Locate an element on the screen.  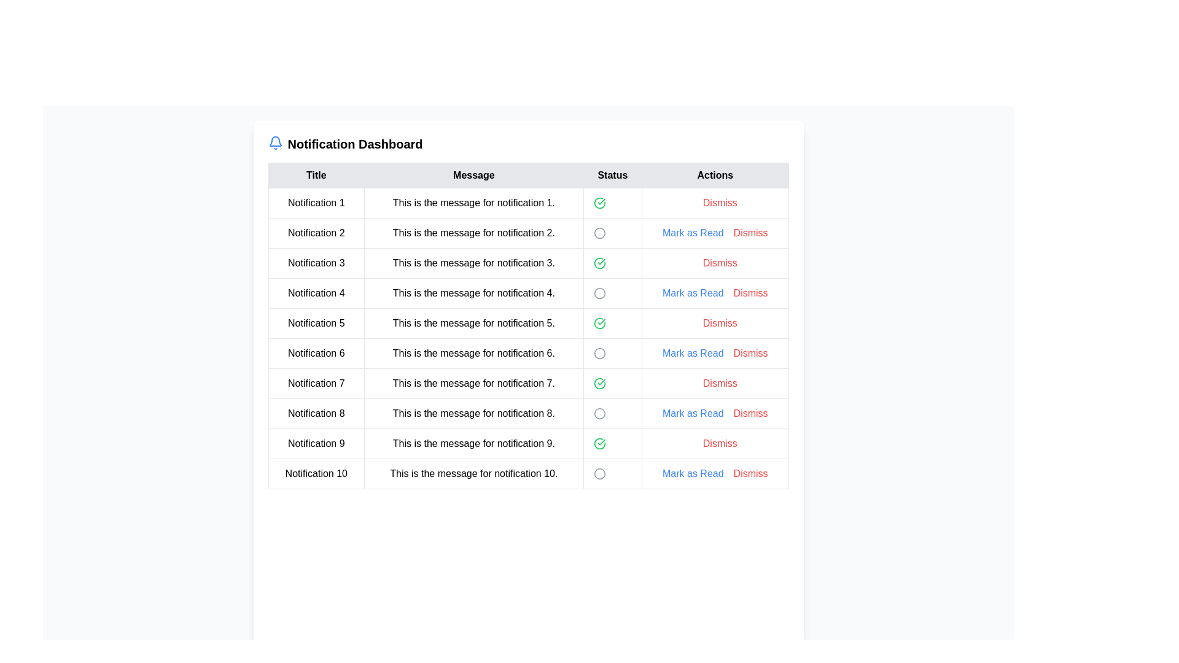
the 'Message' header cell in the table to sort the corresponding column is located at coordinates (473, 175).